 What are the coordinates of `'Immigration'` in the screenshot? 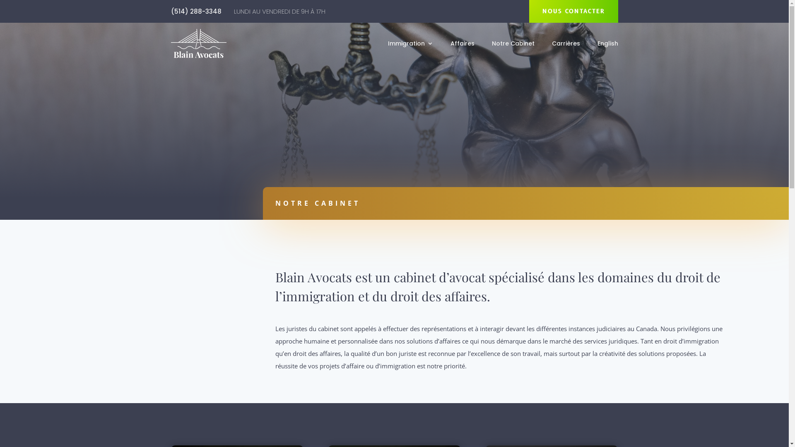 It's located at (410, 45).